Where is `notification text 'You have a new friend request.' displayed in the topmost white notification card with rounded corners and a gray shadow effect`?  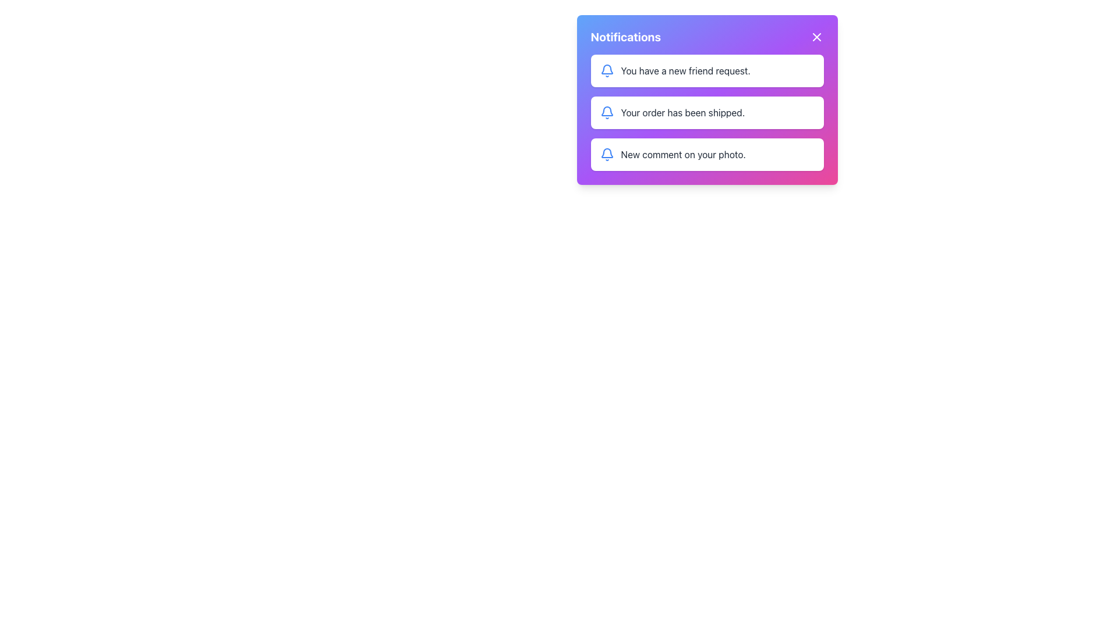
notification text 'You have a new friend request.' displayed in the topmost white notification card with rounded corners and a gray shadow effect is located at coordinates (685, 71).